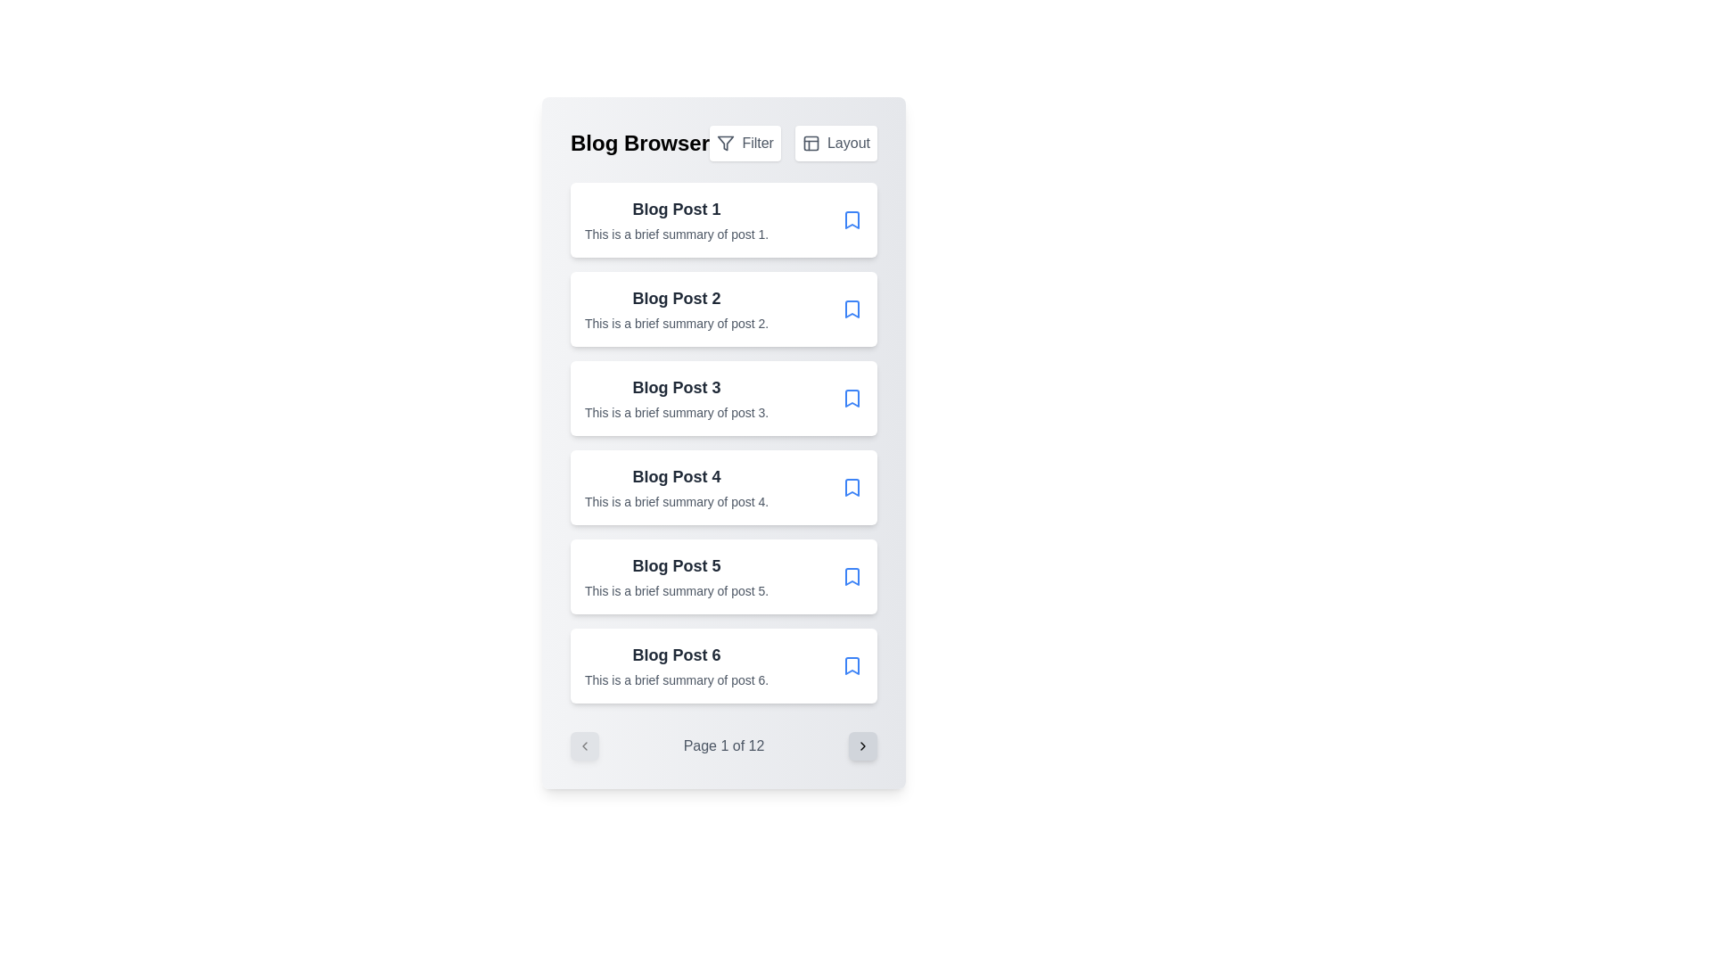 This screenshot has height=963, width=1712. What do you see at coordinates (585, 746) in the screenshot?
I see `the Navigation button with an embedded leftward-pointing chevron icon to observe the hover effect` at bounding box center [585, 746].